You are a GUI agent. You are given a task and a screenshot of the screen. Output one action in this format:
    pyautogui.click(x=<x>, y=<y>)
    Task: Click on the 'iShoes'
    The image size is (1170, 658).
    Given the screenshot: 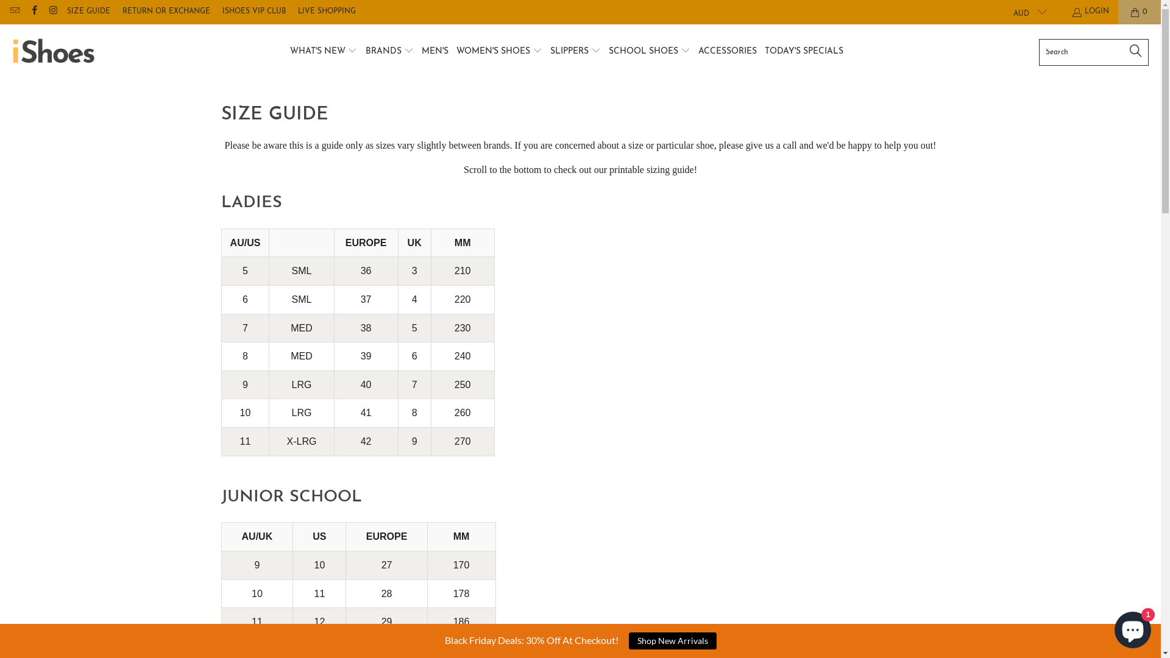 What is the action you would take?
    pyautogui.click(x=52, y=51)
    